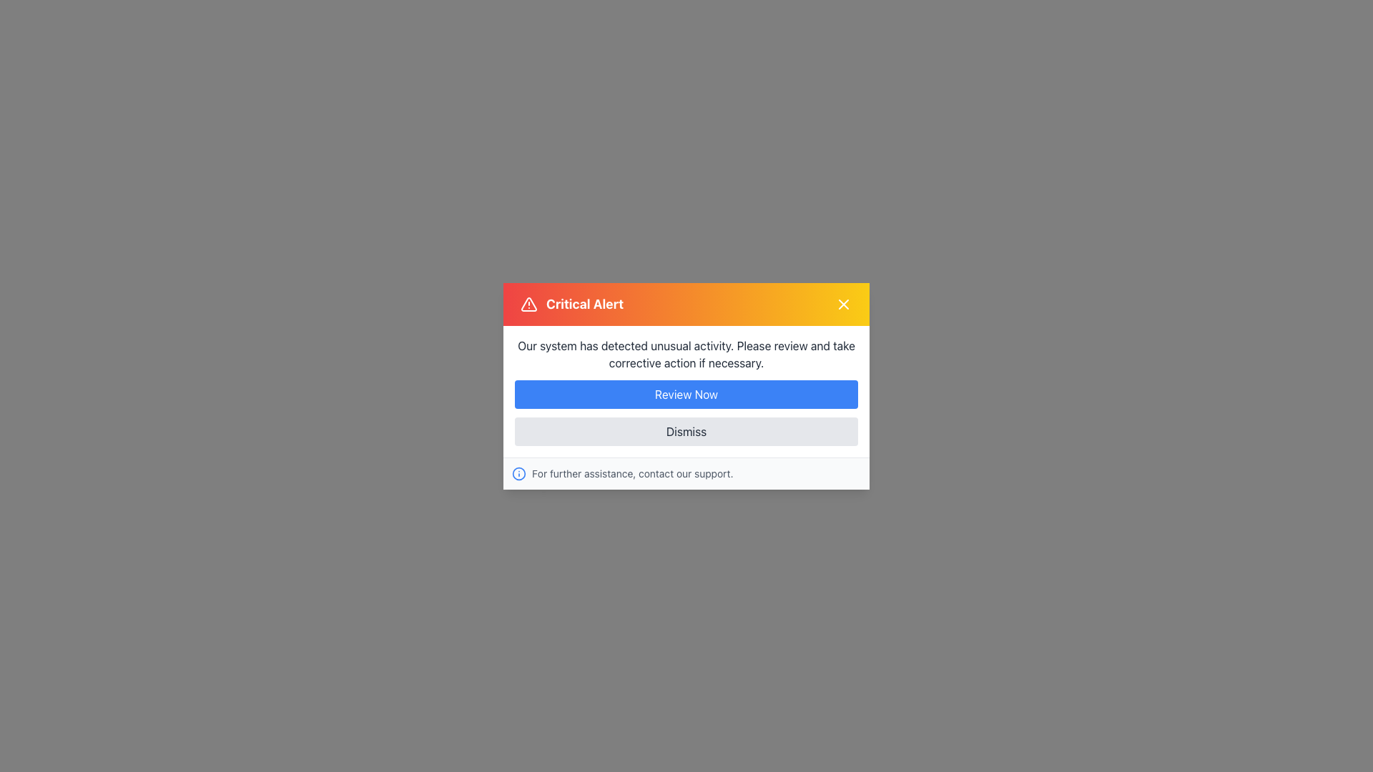 The height and width of the screenshot is (772, 1373). I want to click on the graphical icon element that visually represents the critical nature of the alert, located on the top-left corner of the alert modal, adjacent to the 'Critical Alert' text, so click(528, 303).